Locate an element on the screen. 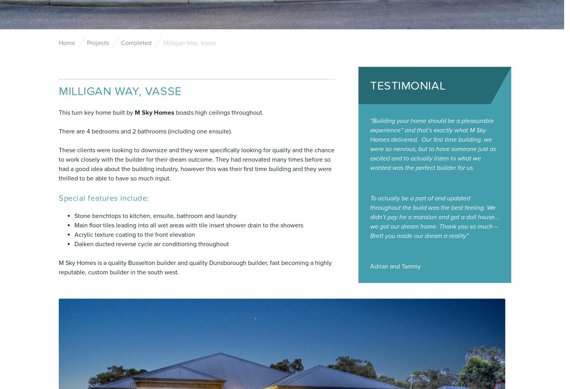 The height and width of the screenshot is (389, 570). 'Testimonial' is located at coordinates (407, 85).